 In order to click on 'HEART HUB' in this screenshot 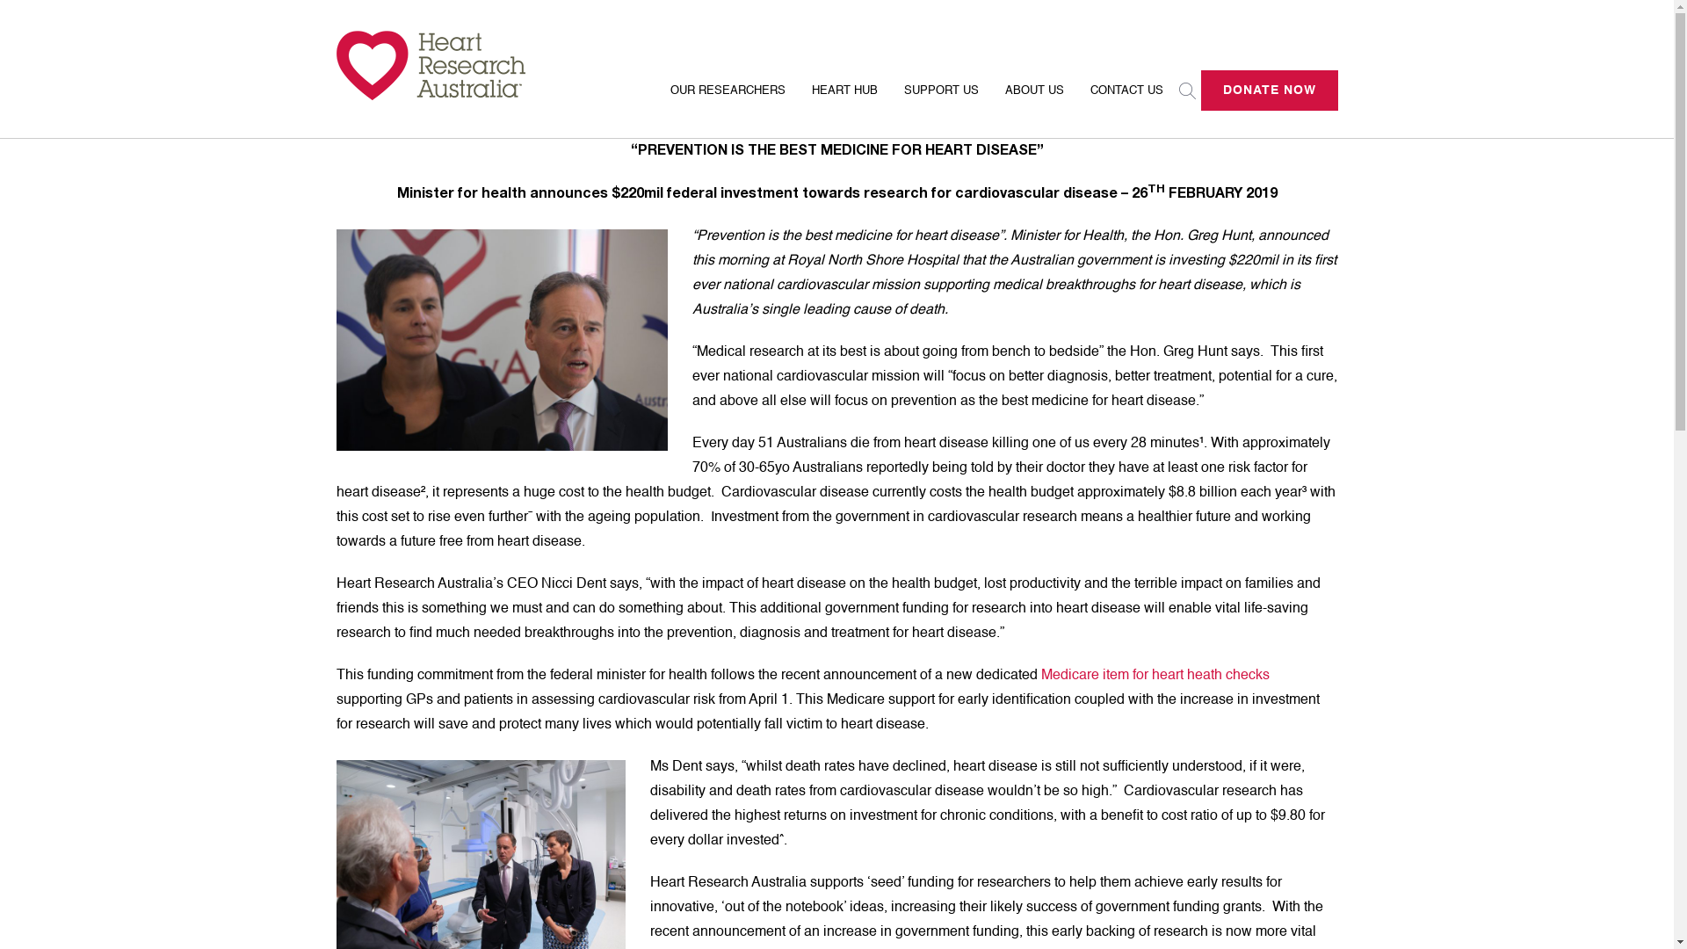, I will do `click(843, 102)`.